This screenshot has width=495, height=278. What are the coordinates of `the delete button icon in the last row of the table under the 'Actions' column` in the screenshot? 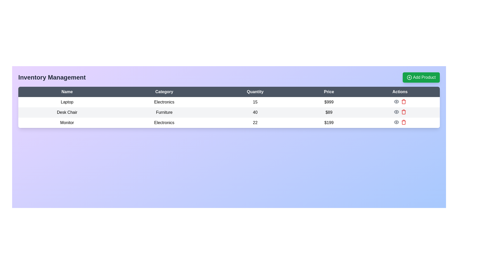 It's located at (403, 122).